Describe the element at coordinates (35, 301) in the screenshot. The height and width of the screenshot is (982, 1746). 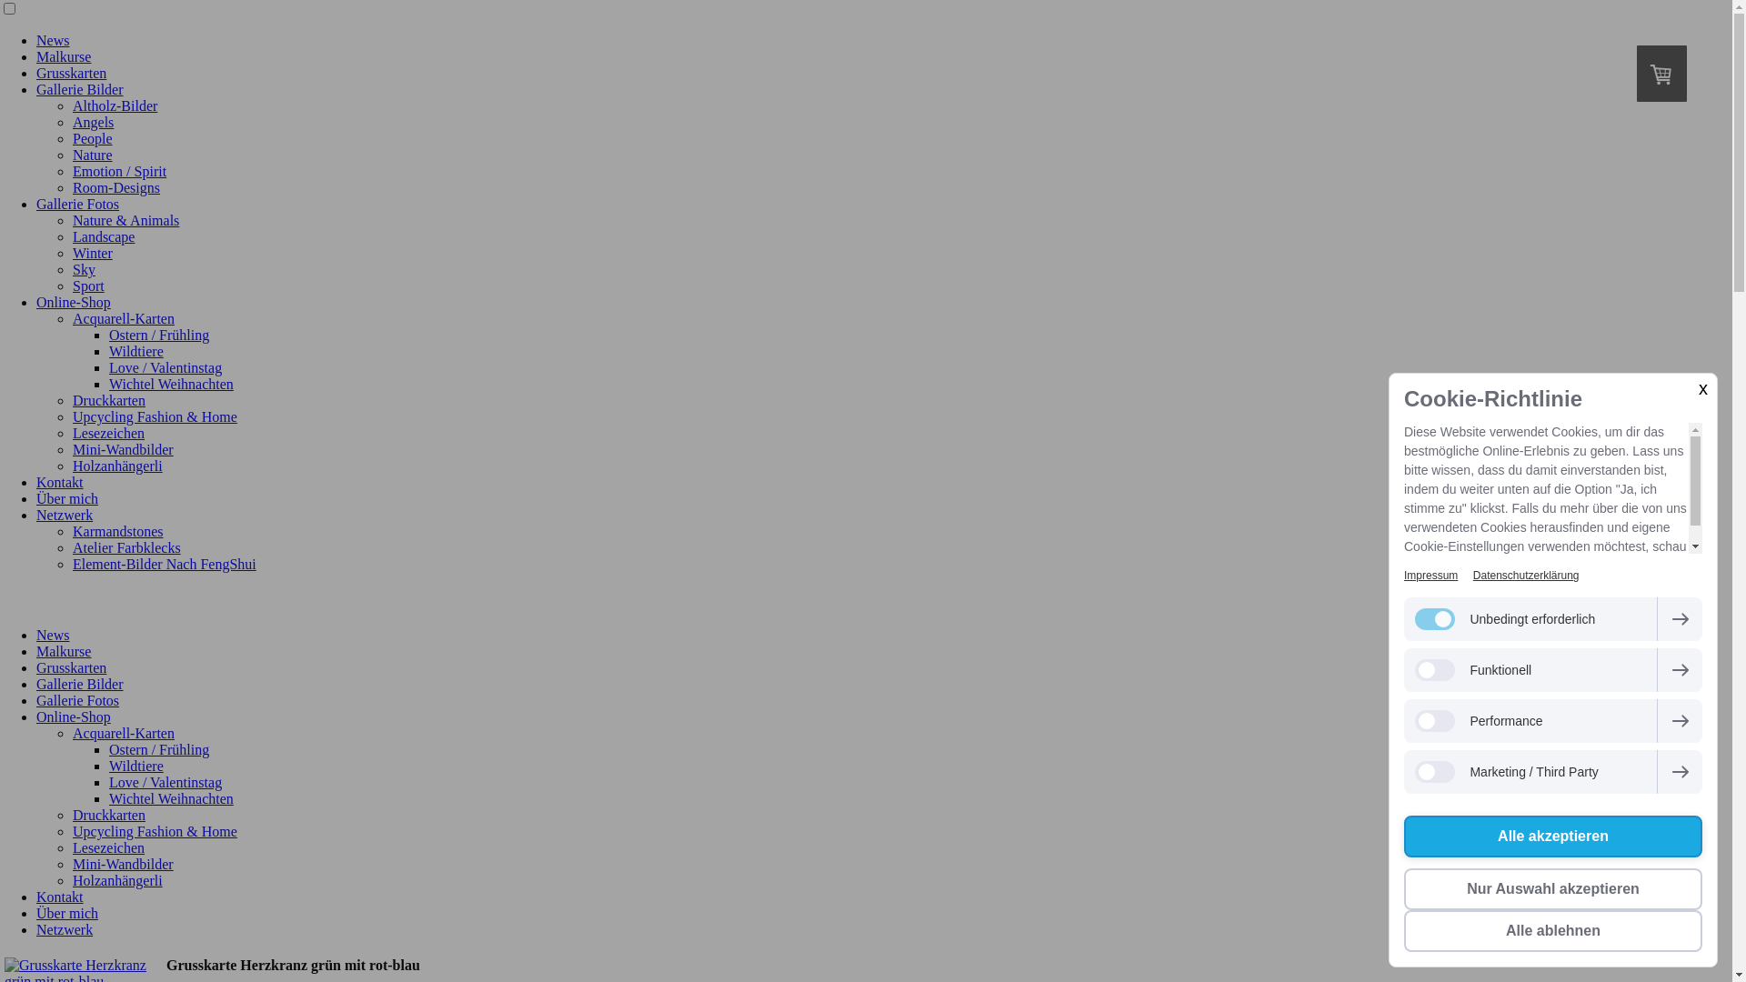
I see `'Online-Shop'` at that location.